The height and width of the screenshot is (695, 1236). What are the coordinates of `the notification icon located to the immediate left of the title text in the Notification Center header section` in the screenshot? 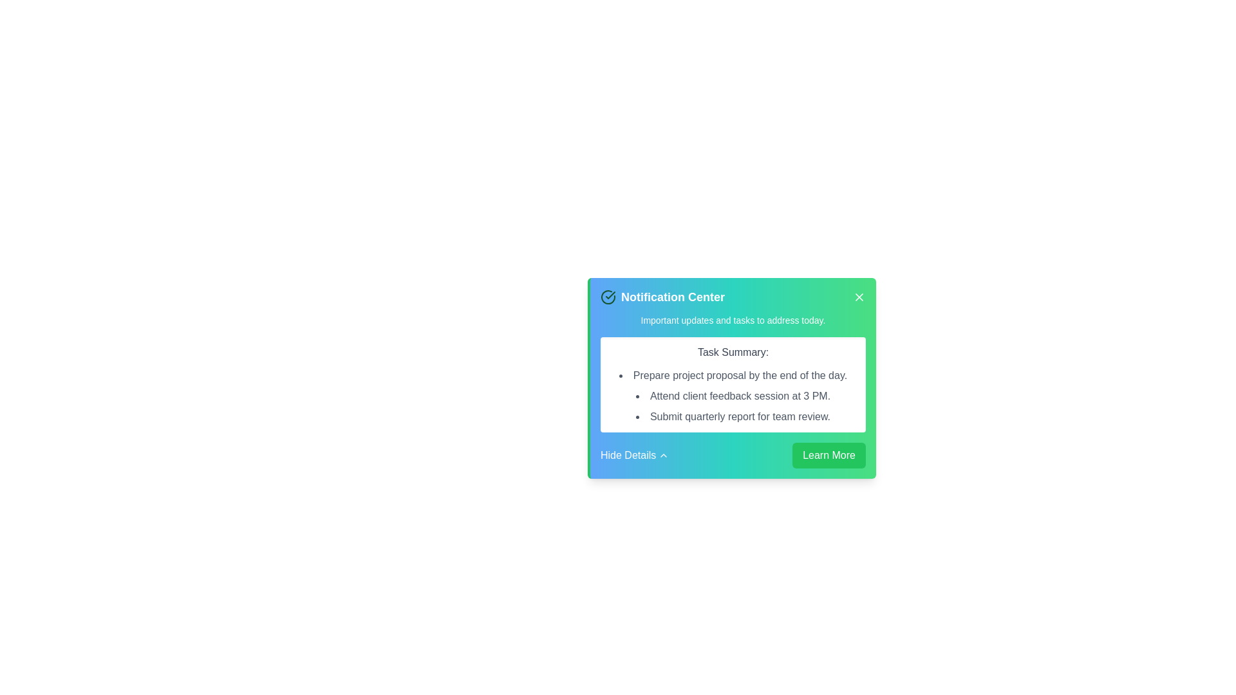 It's located at (608, 297).